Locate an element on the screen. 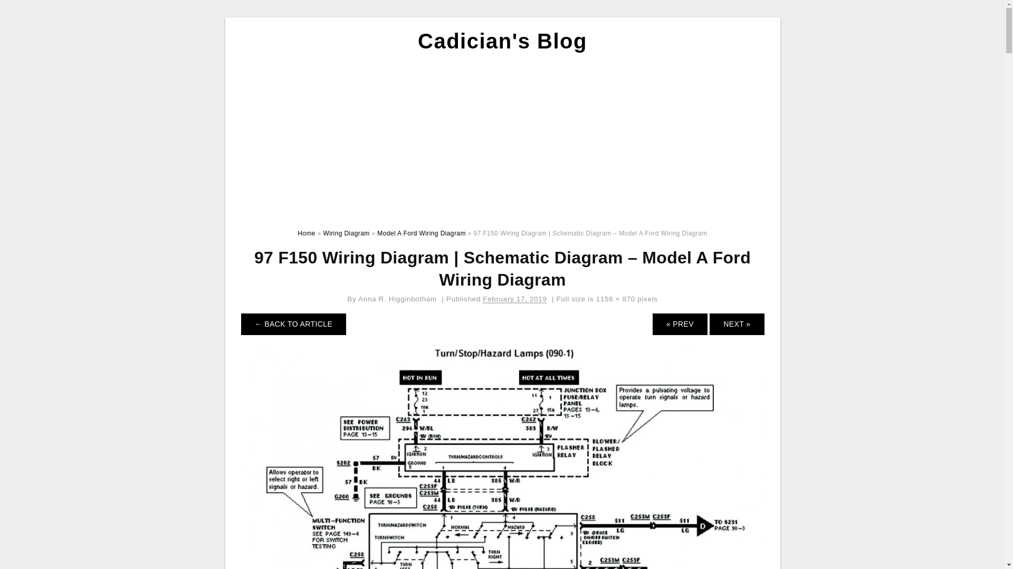 Image resolution: width=1013 pixels, height=569 pixels. 'Anna R. Higginbotham' is located at coordinates (397, 299).